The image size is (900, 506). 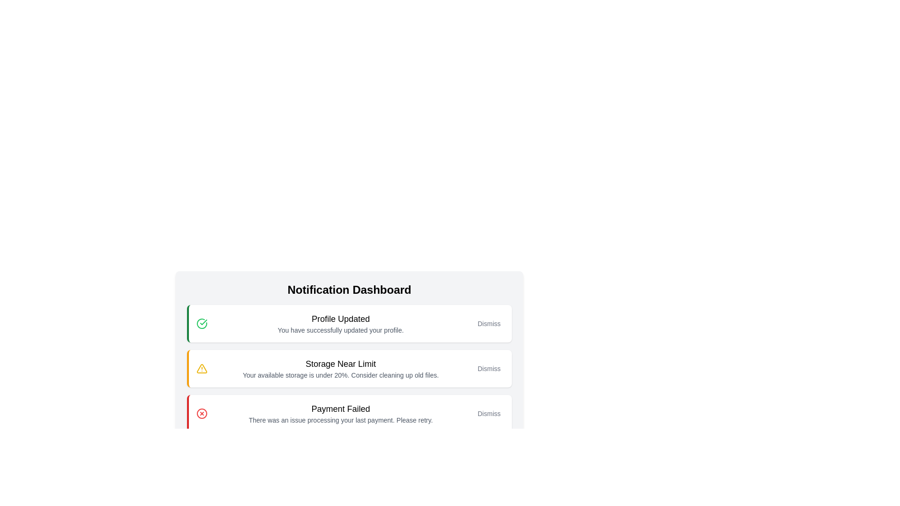 I want to click on text label that displays 'You have successfully updated your profile.' located in the Notification Dashboard under the 'Profile Updated' header, so click(x=340, y=330).